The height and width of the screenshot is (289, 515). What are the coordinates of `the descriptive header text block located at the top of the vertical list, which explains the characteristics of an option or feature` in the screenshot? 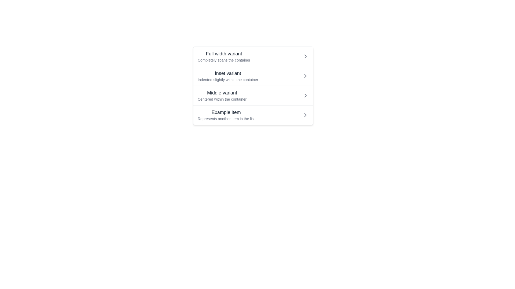 It's located at (224, 56).